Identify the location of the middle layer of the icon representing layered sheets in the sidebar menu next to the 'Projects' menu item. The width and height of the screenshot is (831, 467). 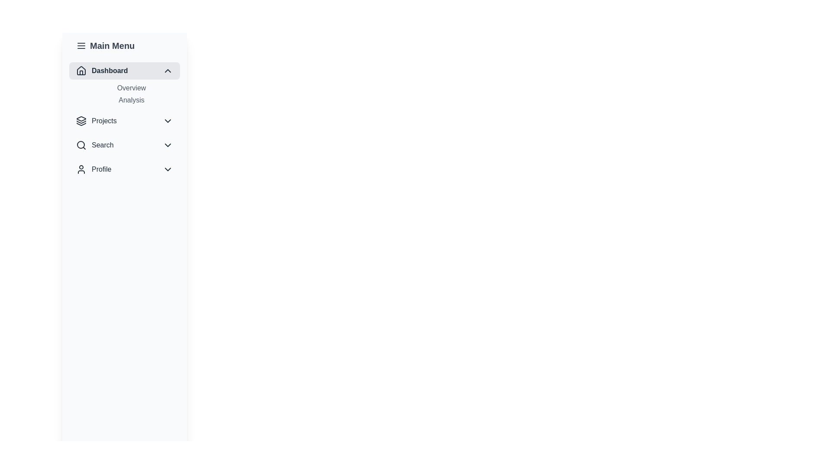
(81, 122).